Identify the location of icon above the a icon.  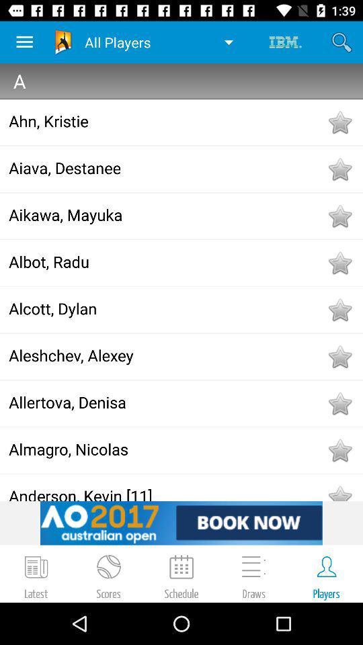
(24, 42).